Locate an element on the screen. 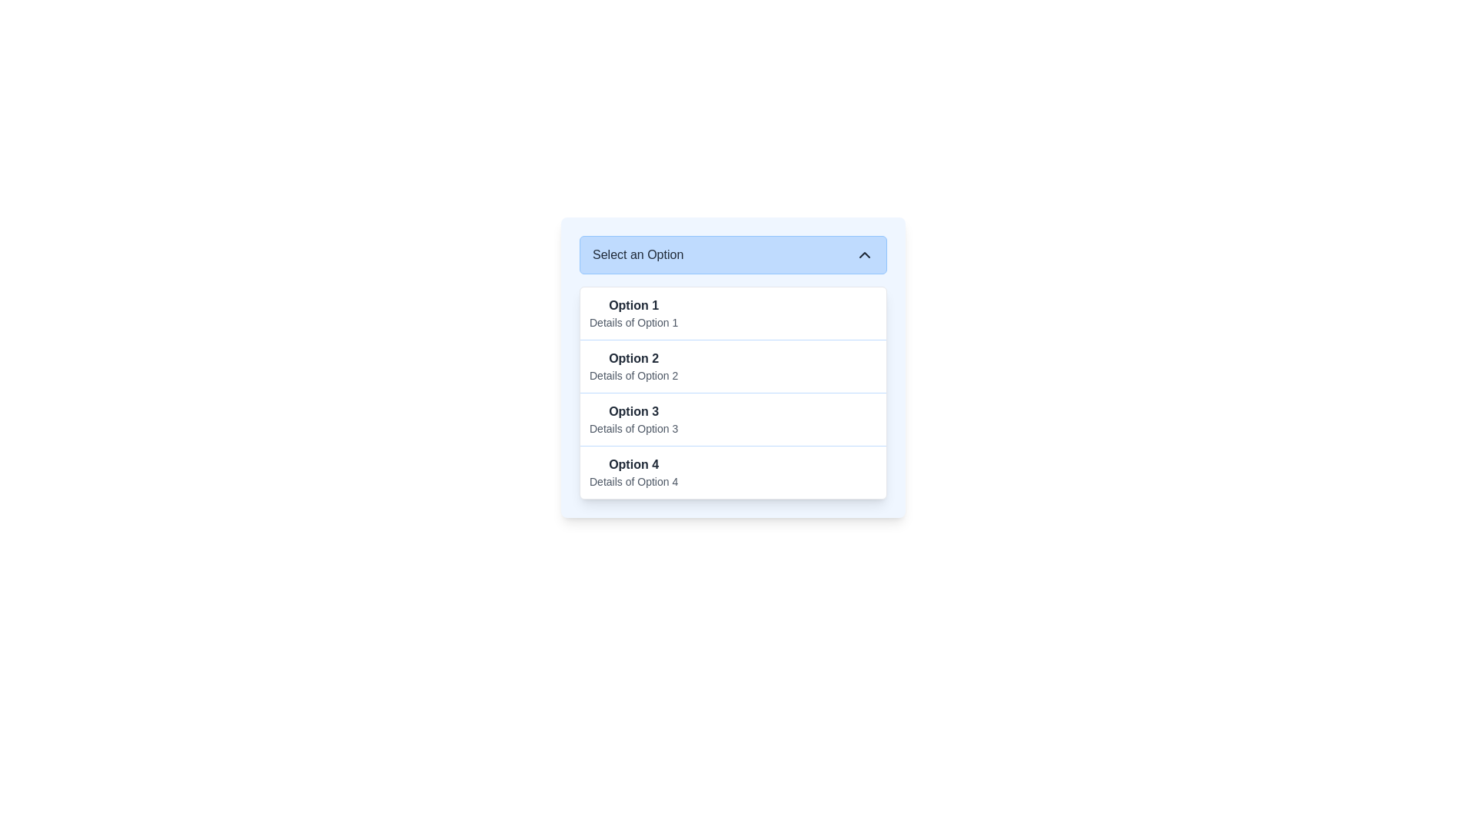 The width and height of the screenshot is (1476, 830). the list item with the main title 'Option 3' and subtitle 'Details of Option 3' in the dropdown menu is located at coordinates (733, 418).